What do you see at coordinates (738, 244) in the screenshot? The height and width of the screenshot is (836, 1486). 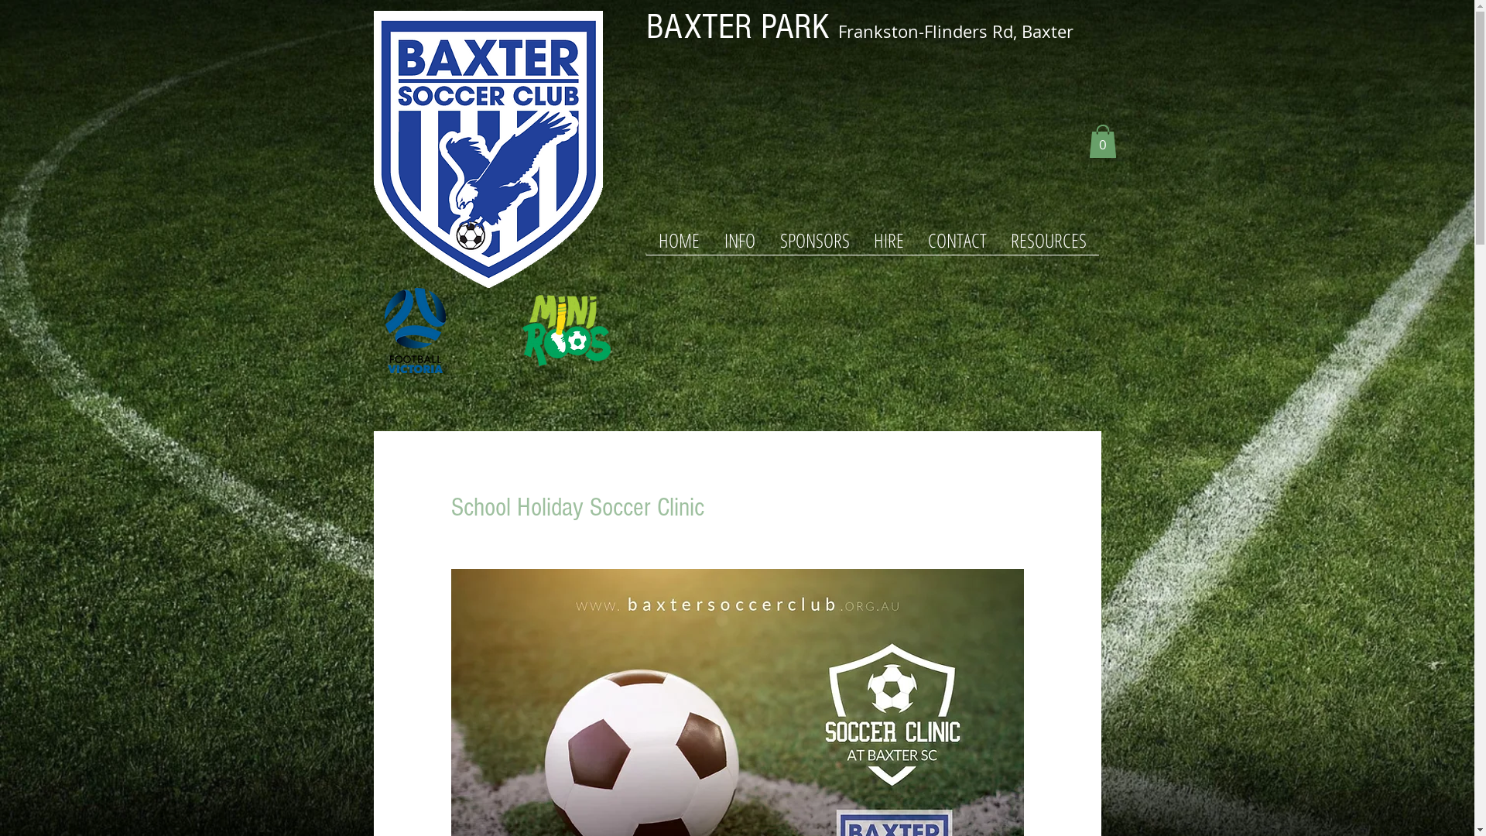 I see `'INFO'` at bounding box center [738, 244].